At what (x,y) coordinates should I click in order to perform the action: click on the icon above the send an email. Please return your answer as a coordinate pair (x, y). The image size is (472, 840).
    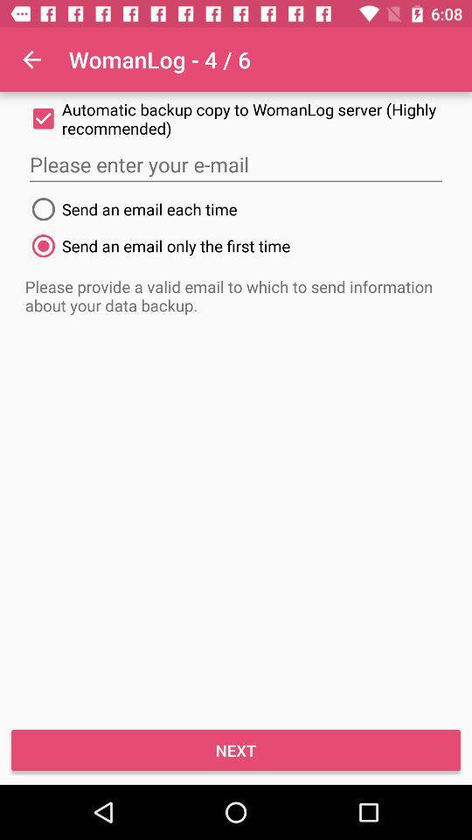
    Looking at the image, I should click on (236, 164).